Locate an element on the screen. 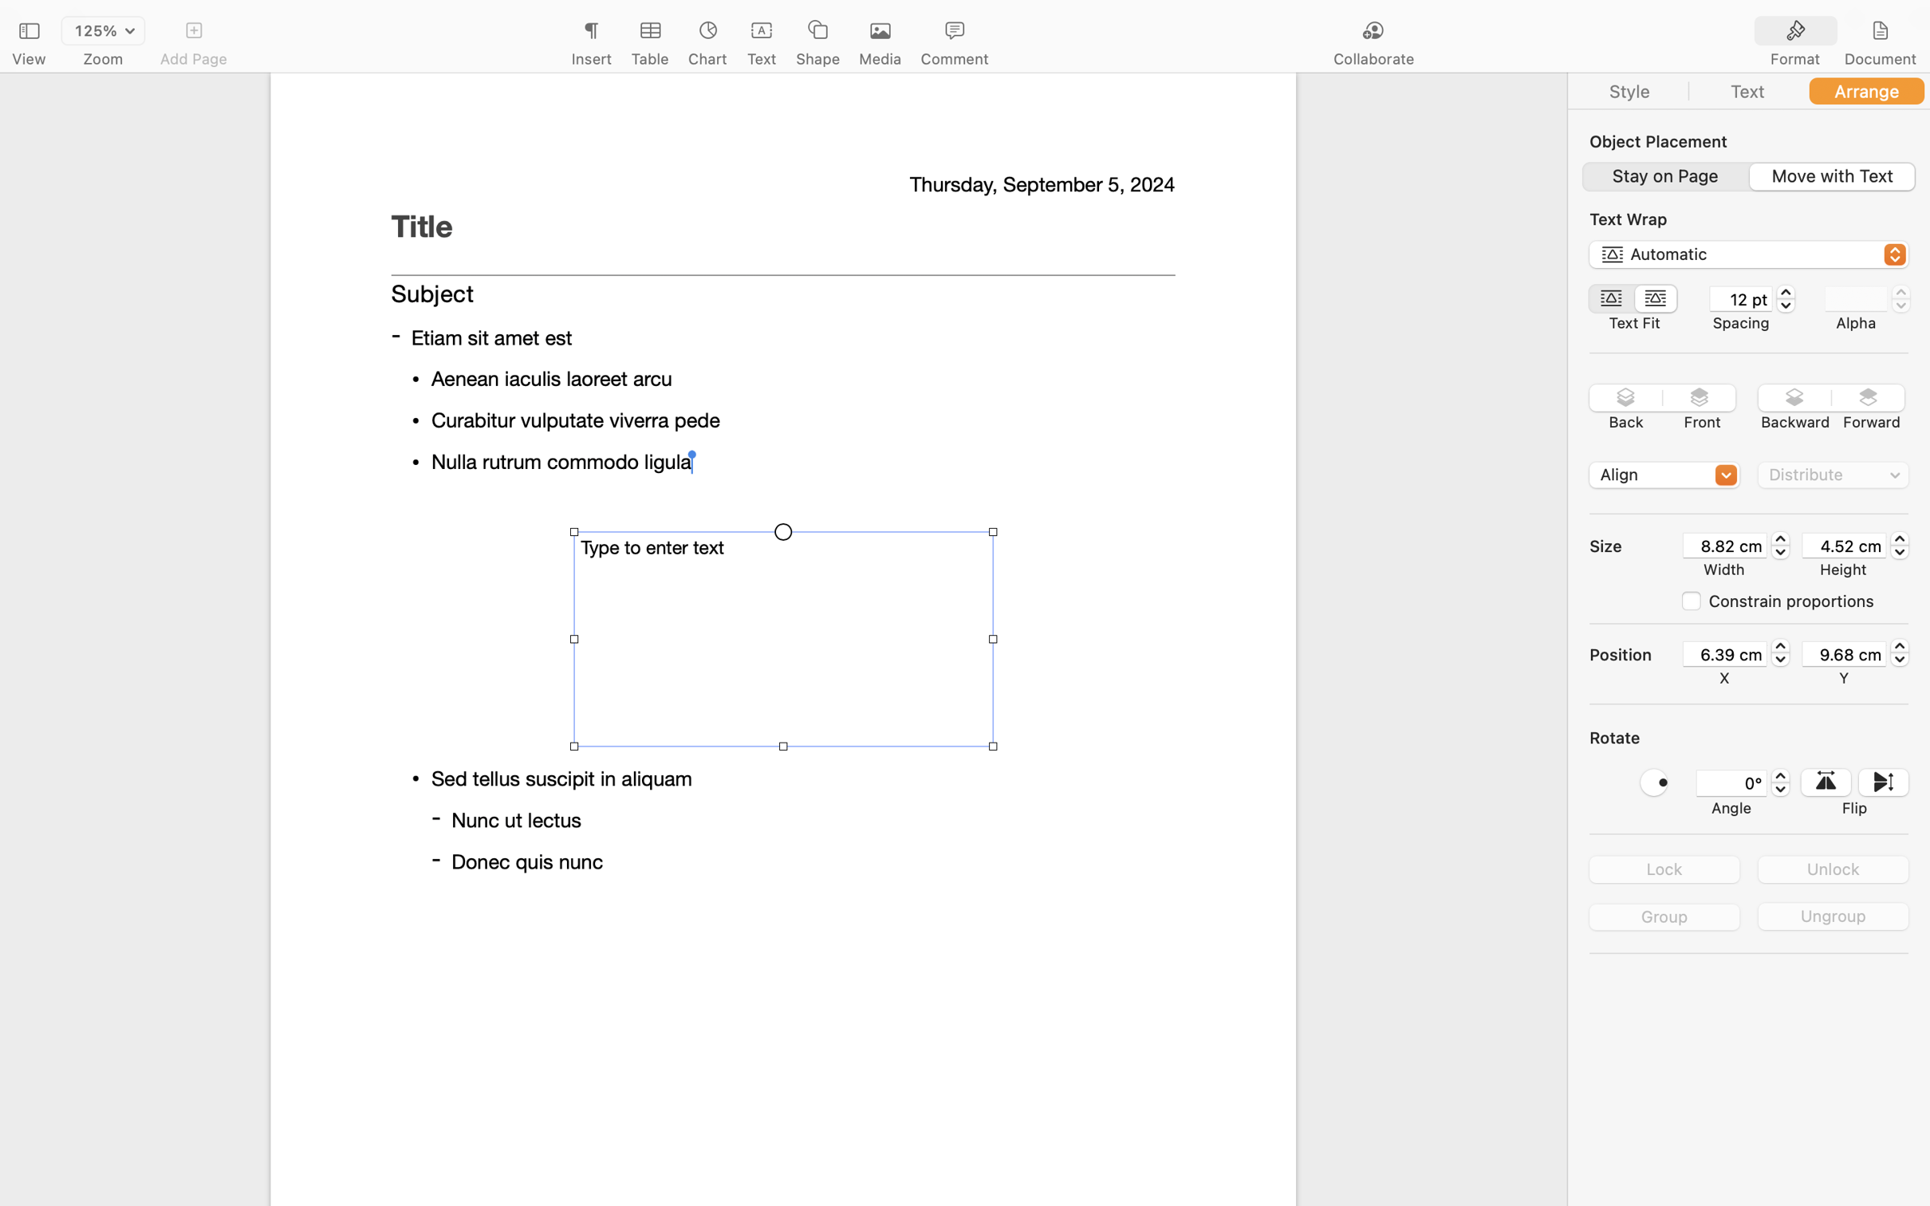 This screenshot has height=1206, width=1930. '12.0' is located at coordinates (1785, 298).